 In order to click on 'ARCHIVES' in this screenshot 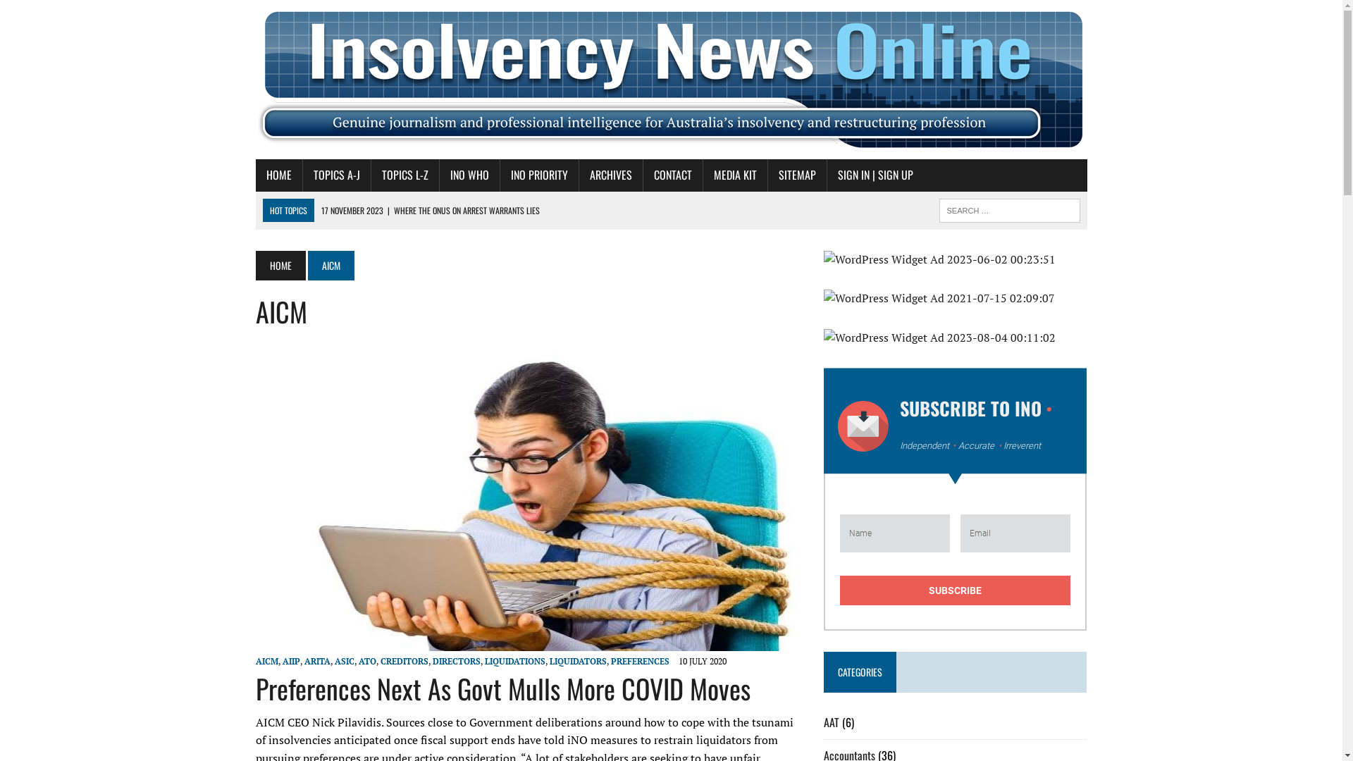, I will do `click(611, 175)`.